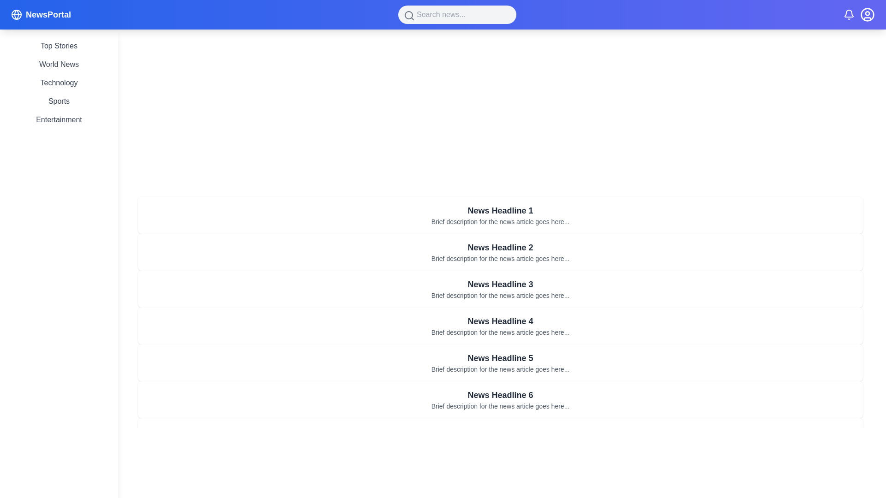  What do you see at coordinates (500, 295) in the screenshot?
I see `the text snippet located directly below the bold headline 'News Headline 3', which is a smaller font size and light gray color` at bounding box center [500, 295].